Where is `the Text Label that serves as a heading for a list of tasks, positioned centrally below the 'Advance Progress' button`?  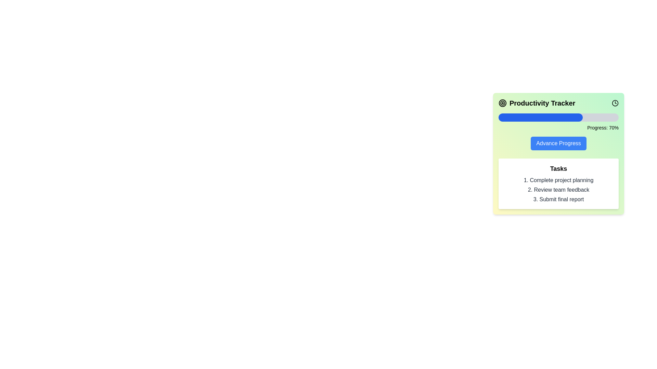 the Text Label that serves as a heading for a list of tasks, positioned centrally below the 'Advance Progress' button is located at coordinates (558, 168).